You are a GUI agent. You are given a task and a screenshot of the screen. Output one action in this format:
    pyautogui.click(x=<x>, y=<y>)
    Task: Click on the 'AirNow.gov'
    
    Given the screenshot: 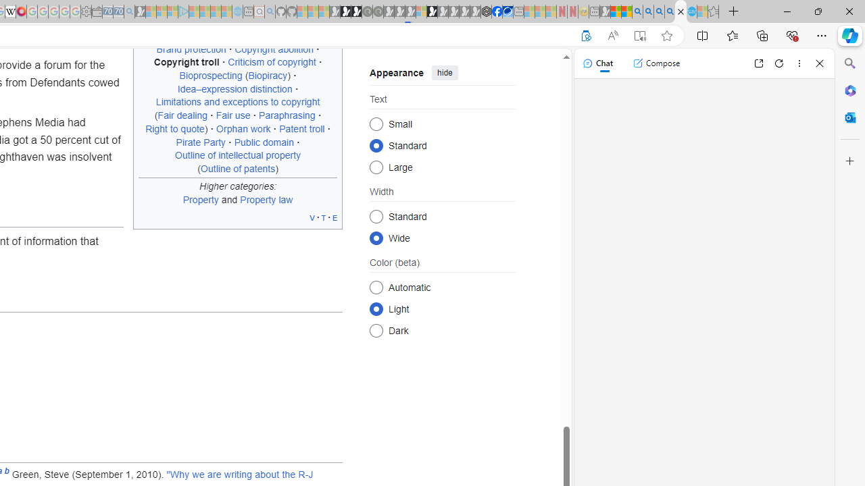 What is the action you would take?
    pyautogui.click(x=507, y=11)
    